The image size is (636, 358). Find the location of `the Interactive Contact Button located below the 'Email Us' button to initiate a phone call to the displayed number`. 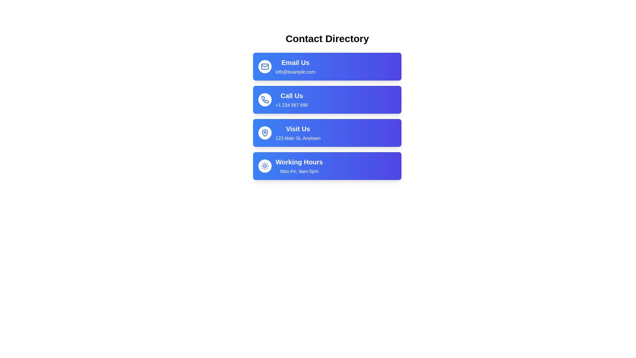

the Interactive Contact Button located below the 'Email Us' button to initiate a phone call to the displayed number is located at coordinates (327, 106).